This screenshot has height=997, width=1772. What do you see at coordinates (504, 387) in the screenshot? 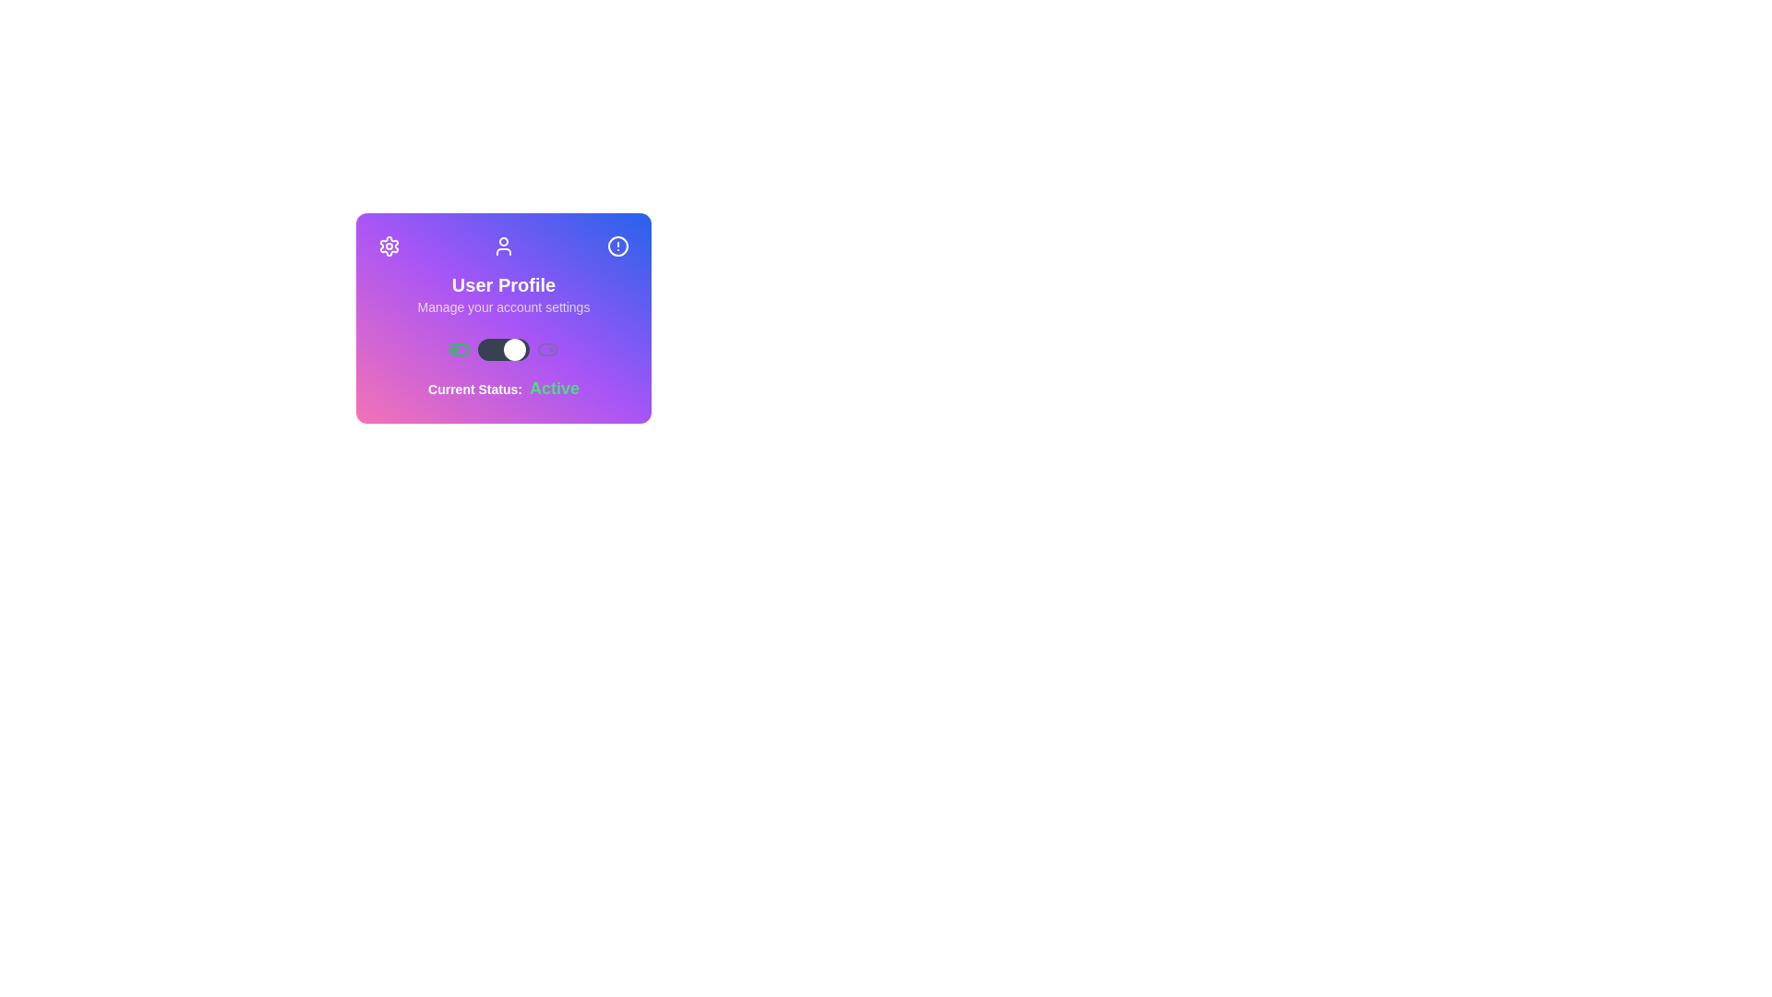
I see `the static text label indicating 'Active', located at the bottom of the card below the toggle switch` at bounding box center [504, 387].